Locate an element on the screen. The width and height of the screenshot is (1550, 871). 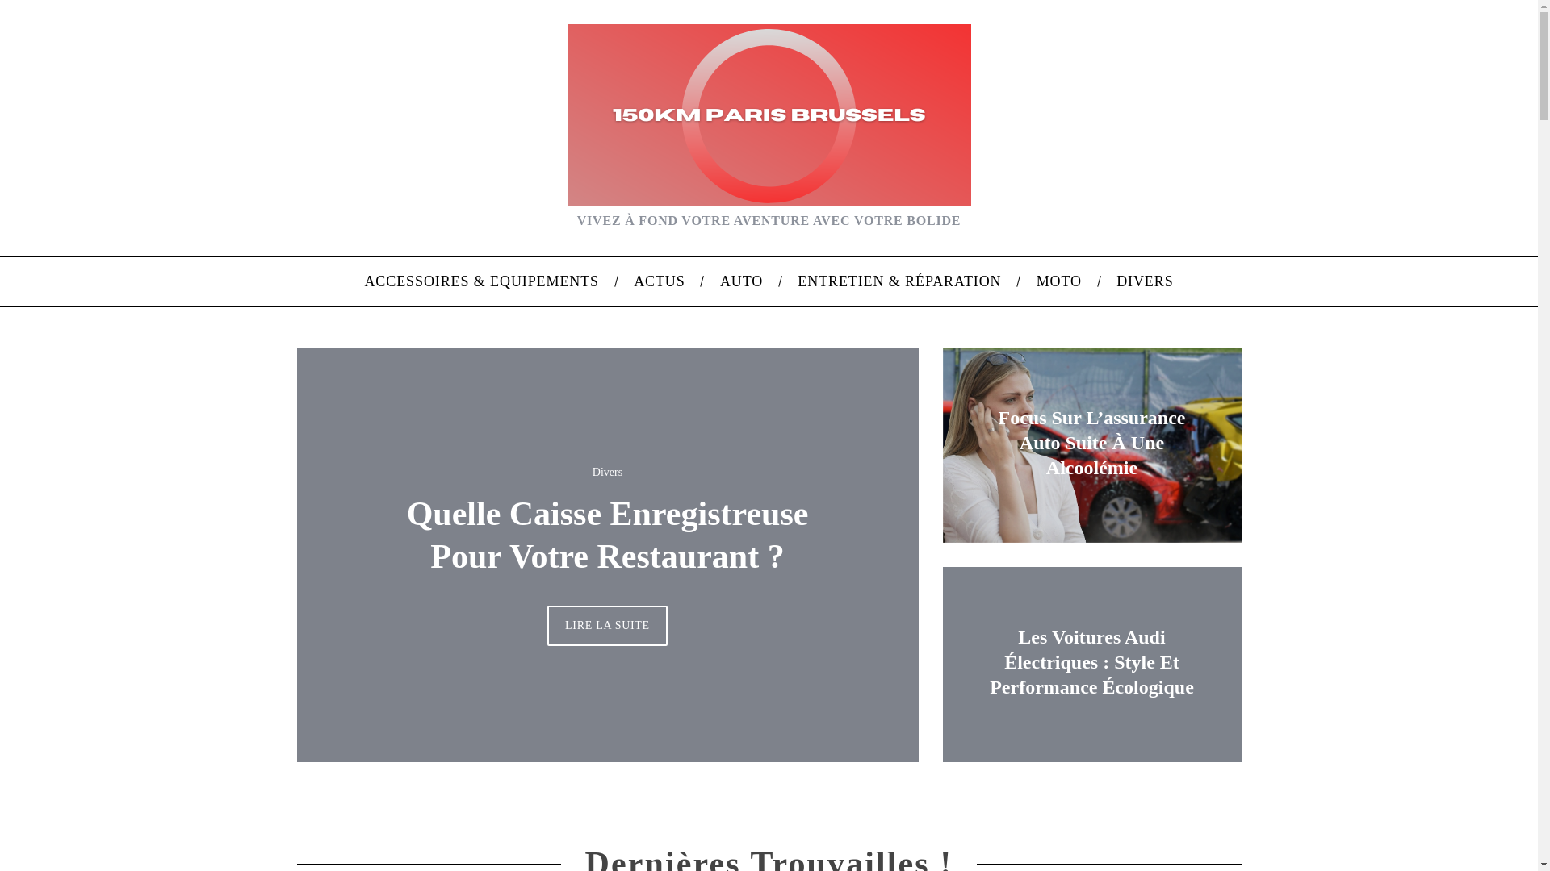
'DIVERS' is located at coordinates (1145, 280).